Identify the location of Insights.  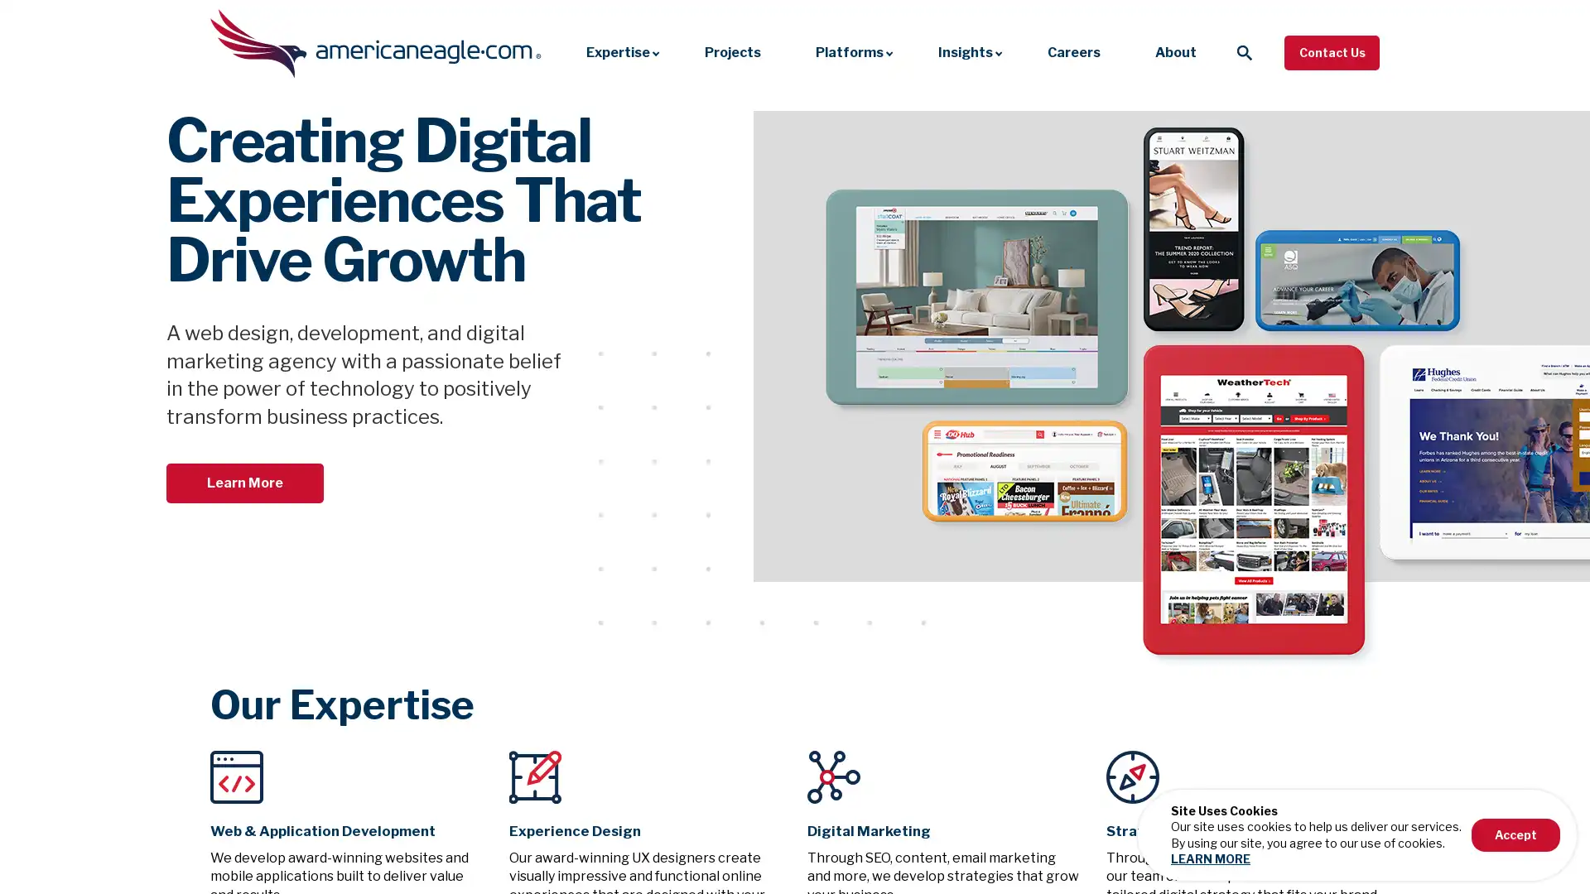
(966, 51).